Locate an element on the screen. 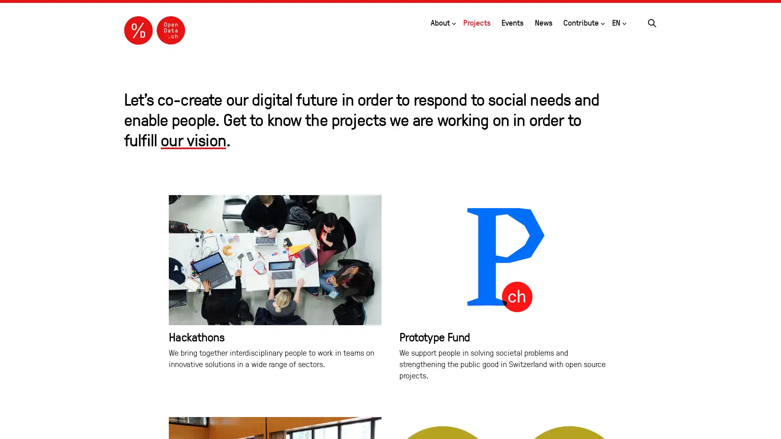  Open is located at coordinates (624, 22).